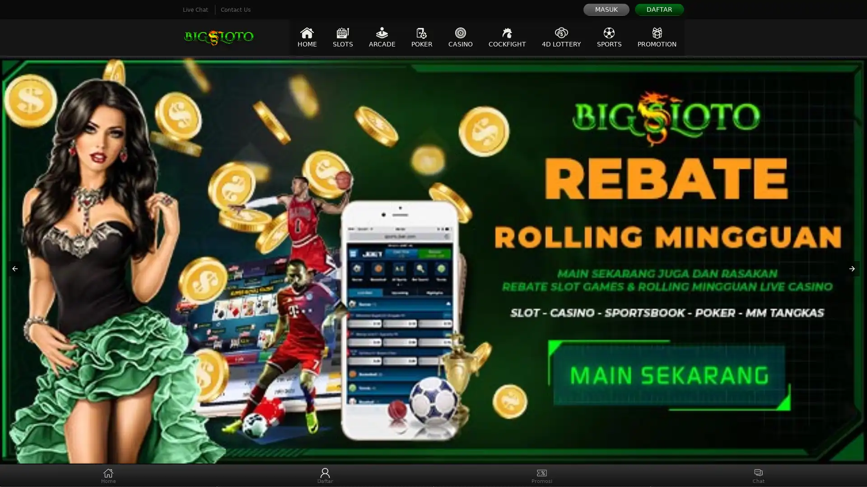 This screenshot has height=487, width=867. What do you see at coordinates (851, 269) in the screenshot?
I see `Next item in carousel (4 of 4)` at bounding box center [851, 269].